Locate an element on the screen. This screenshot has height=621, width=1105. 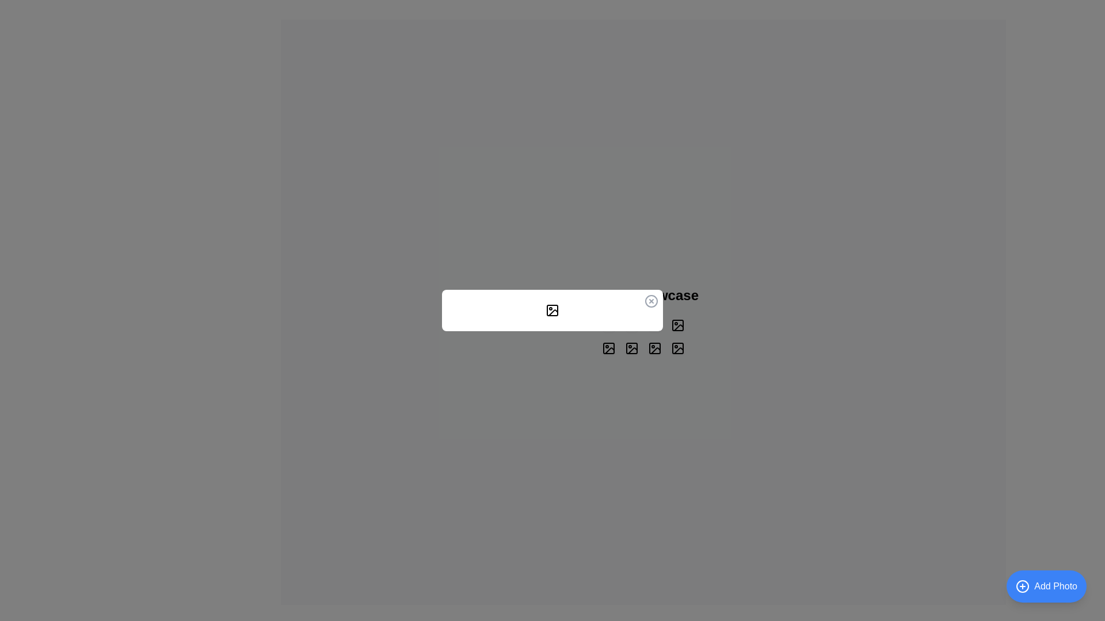
the circular zoom button with a black background and white plus icon to zoom in is located at coordinates (654, 347).